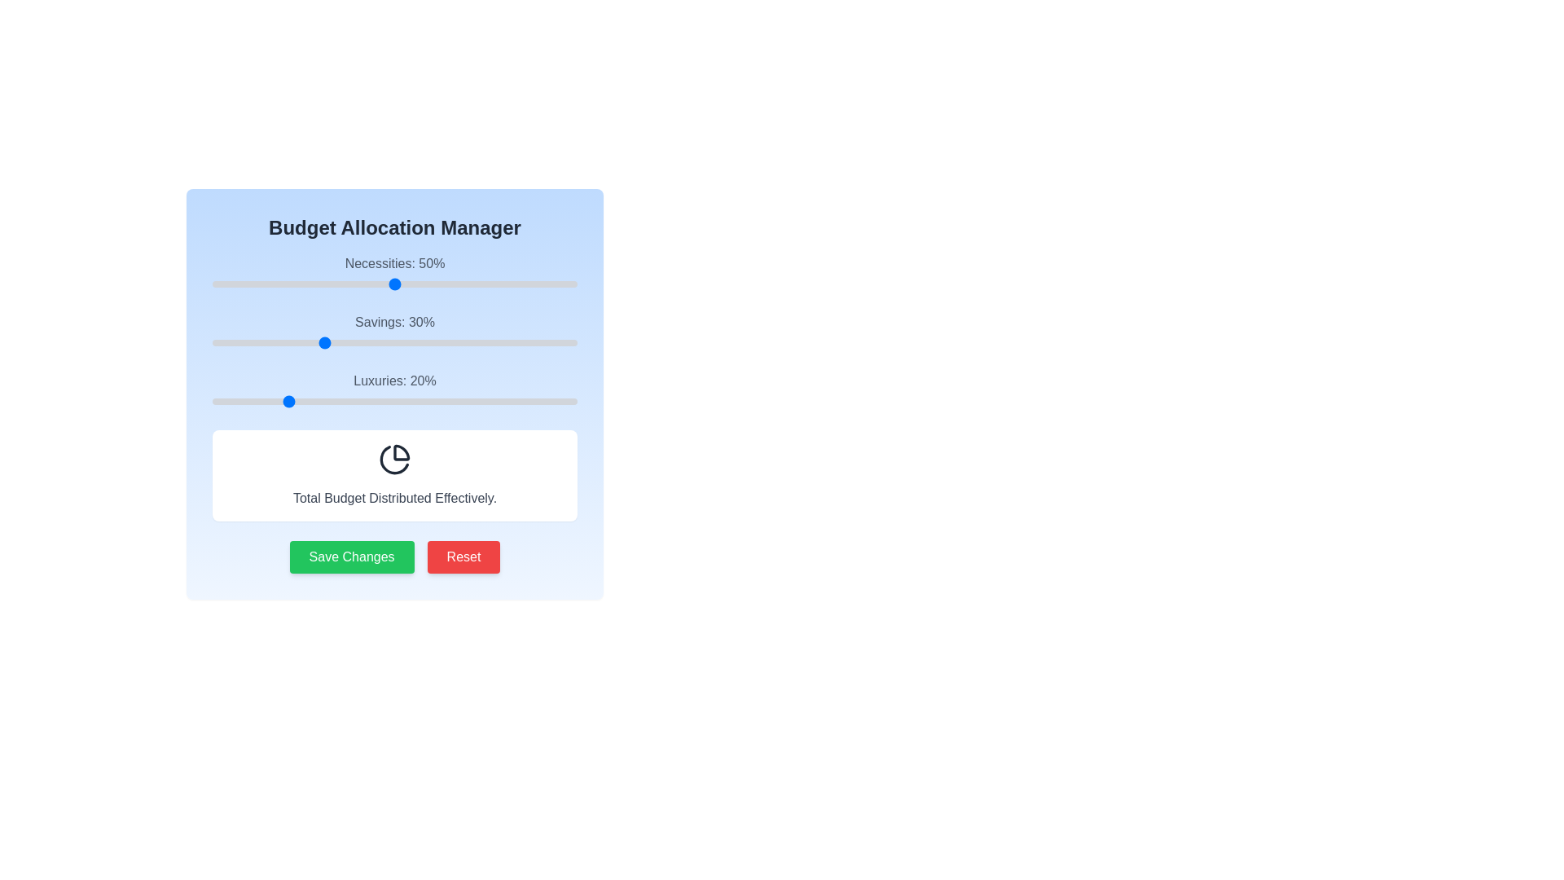 The width and height of the screenshot is (1564, 880). I want to click on the savings percentage, so click(431, 341).